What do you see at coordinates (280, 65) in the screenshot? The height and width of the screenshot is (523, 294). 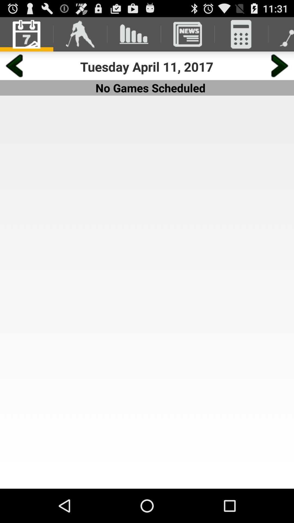 I see `next` at bounding box center [280, 65].